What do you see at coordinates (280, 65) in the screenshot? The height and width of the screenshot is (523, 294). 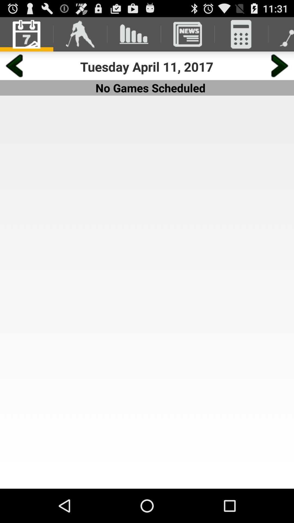 I see `next` at bounding box center [280, 65].